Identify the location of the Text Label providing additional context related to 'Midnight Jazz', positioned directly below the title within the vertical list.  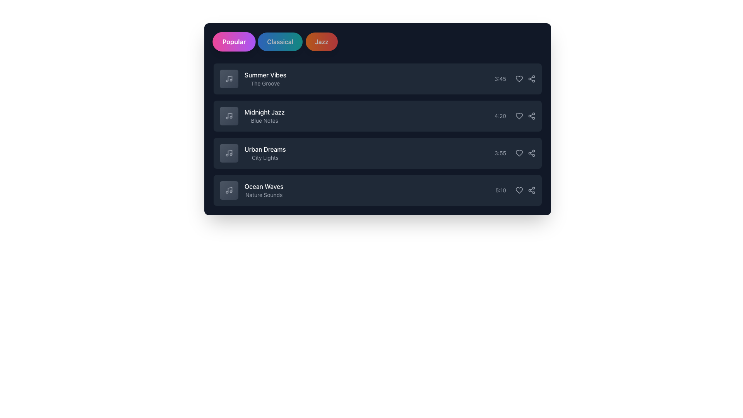
(264, 121).